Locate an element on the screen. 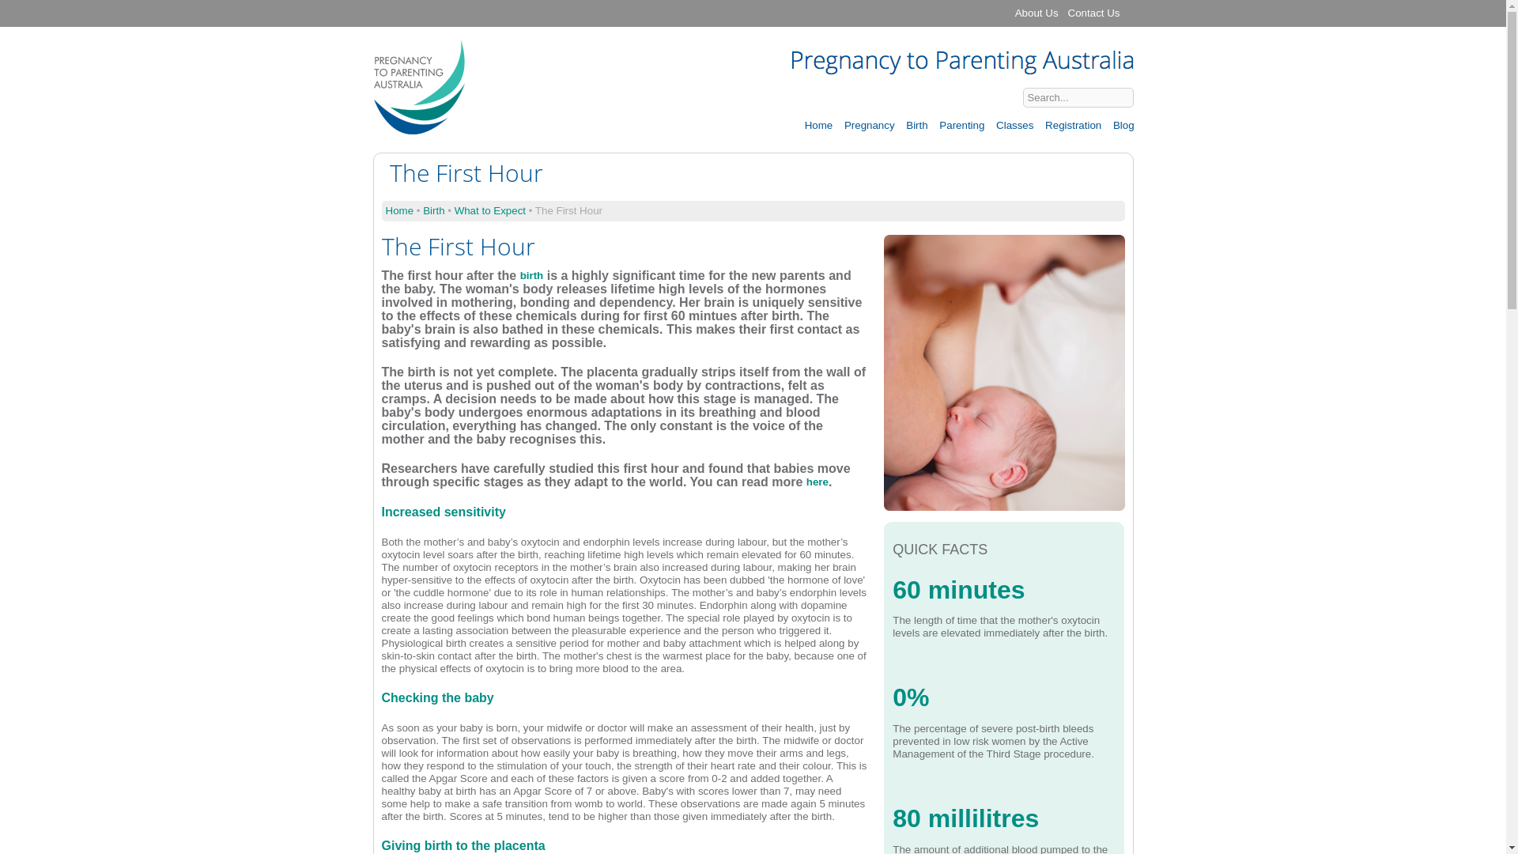 The width and height of the screenshot is (1518, 854). 'Parenting' is located at coordinates (960, 124).